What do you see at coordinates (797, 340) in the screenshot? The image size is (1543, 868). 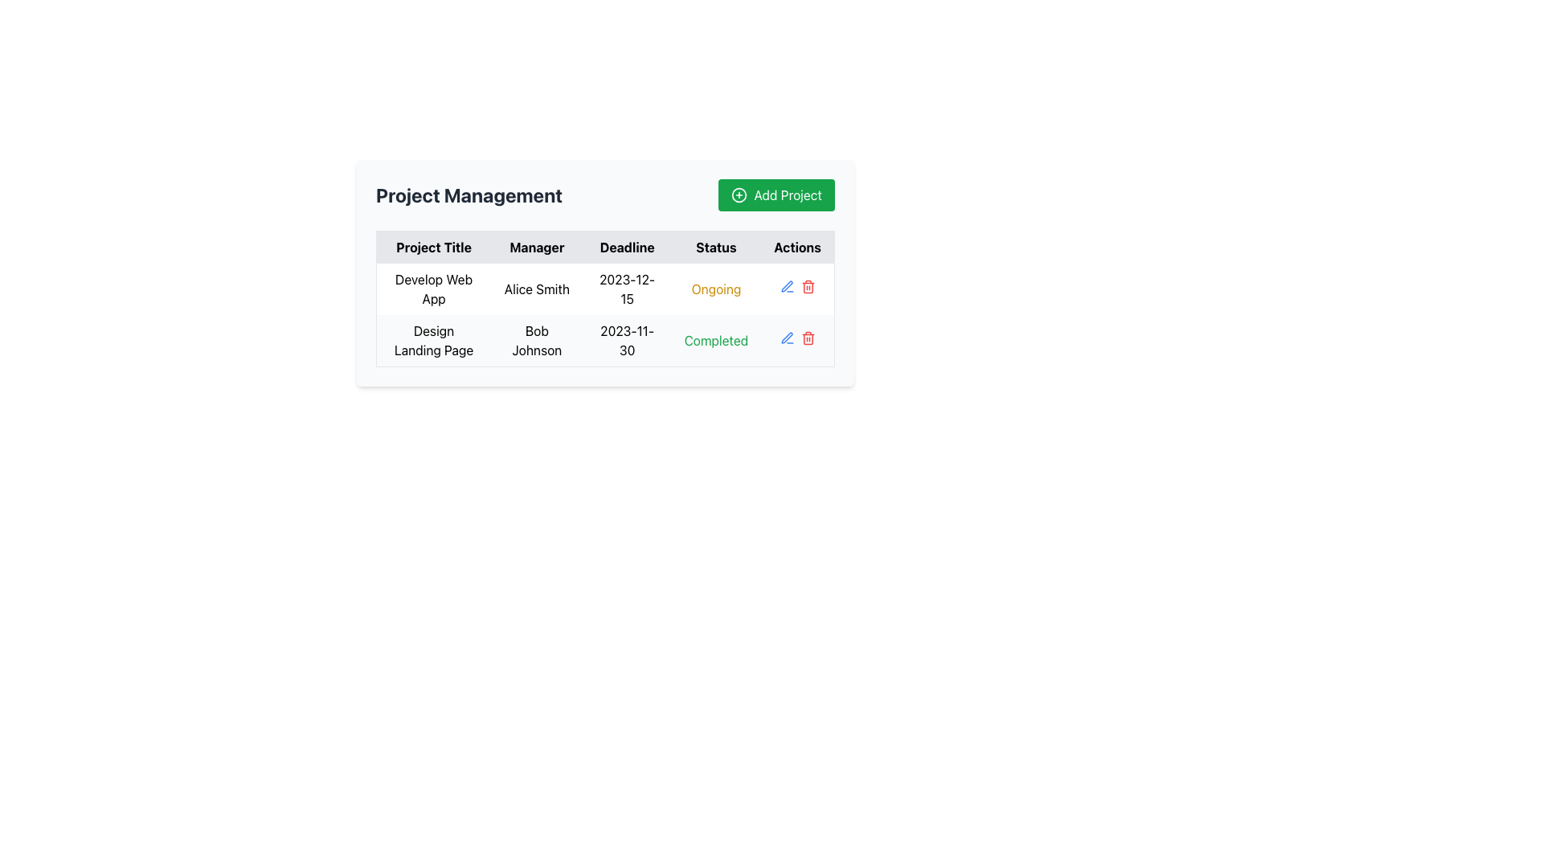 I see `the blank space located in the 'Actions' column of the second row of the table, positioned to the right of the 'Edit' icon and adjacent to the 'Delete' icon` at bounding box center [797, 340].